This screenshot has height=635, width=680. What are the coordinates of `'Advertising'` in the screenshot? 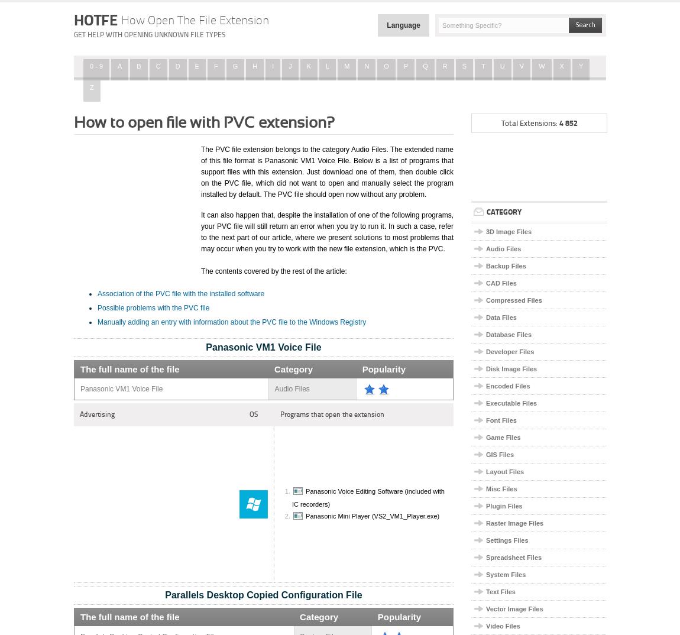 It's located at (79, 414).